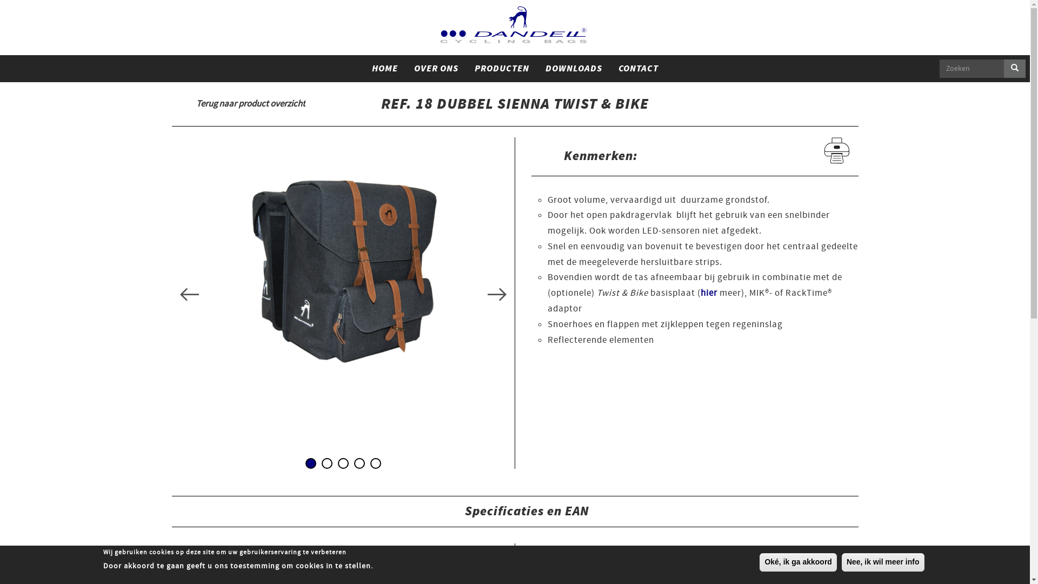 Image resolution: width=1038 pixels, height=584 pixels. I want to click on 'Geef de woorden op waarnaar u wilt zoeken.', so click(972, 69).